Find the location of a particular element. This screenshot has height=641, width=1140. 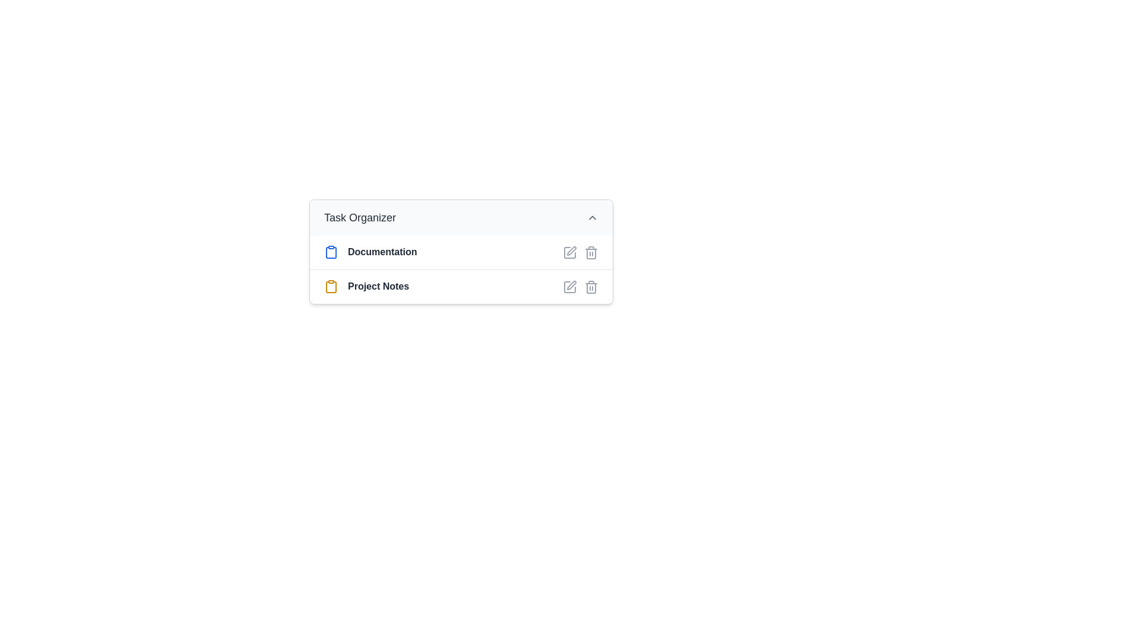

the clipboard icon located in the left cell of the first row of the table is located at coordinates (331, 252).